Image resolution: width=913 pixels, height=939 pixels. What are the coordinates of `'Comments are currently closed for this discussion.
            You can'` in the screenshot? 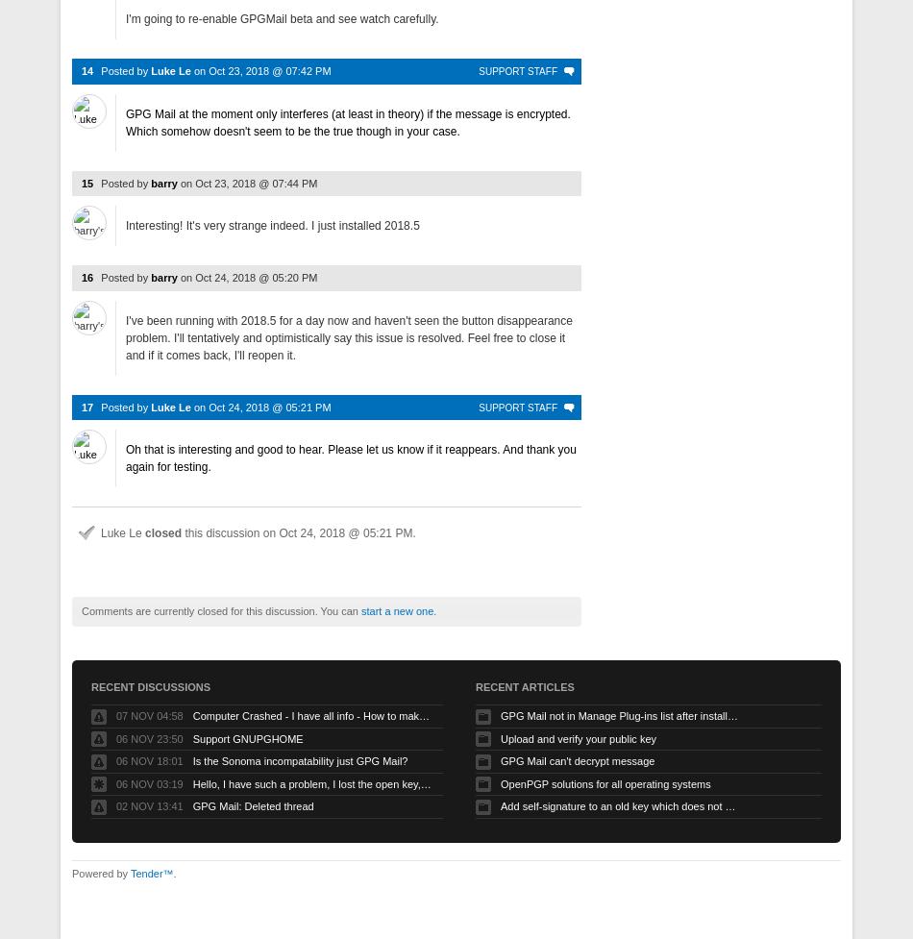 It's located at (221, 610).